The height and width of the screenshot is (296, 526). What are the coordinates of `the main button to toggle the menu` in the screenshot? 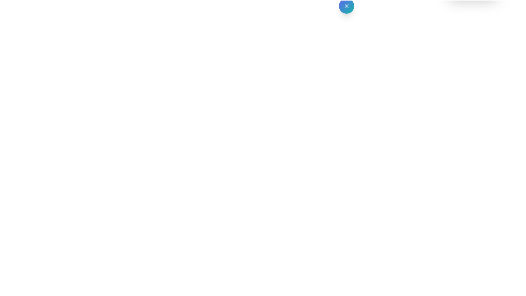 It's located at (346, 6).